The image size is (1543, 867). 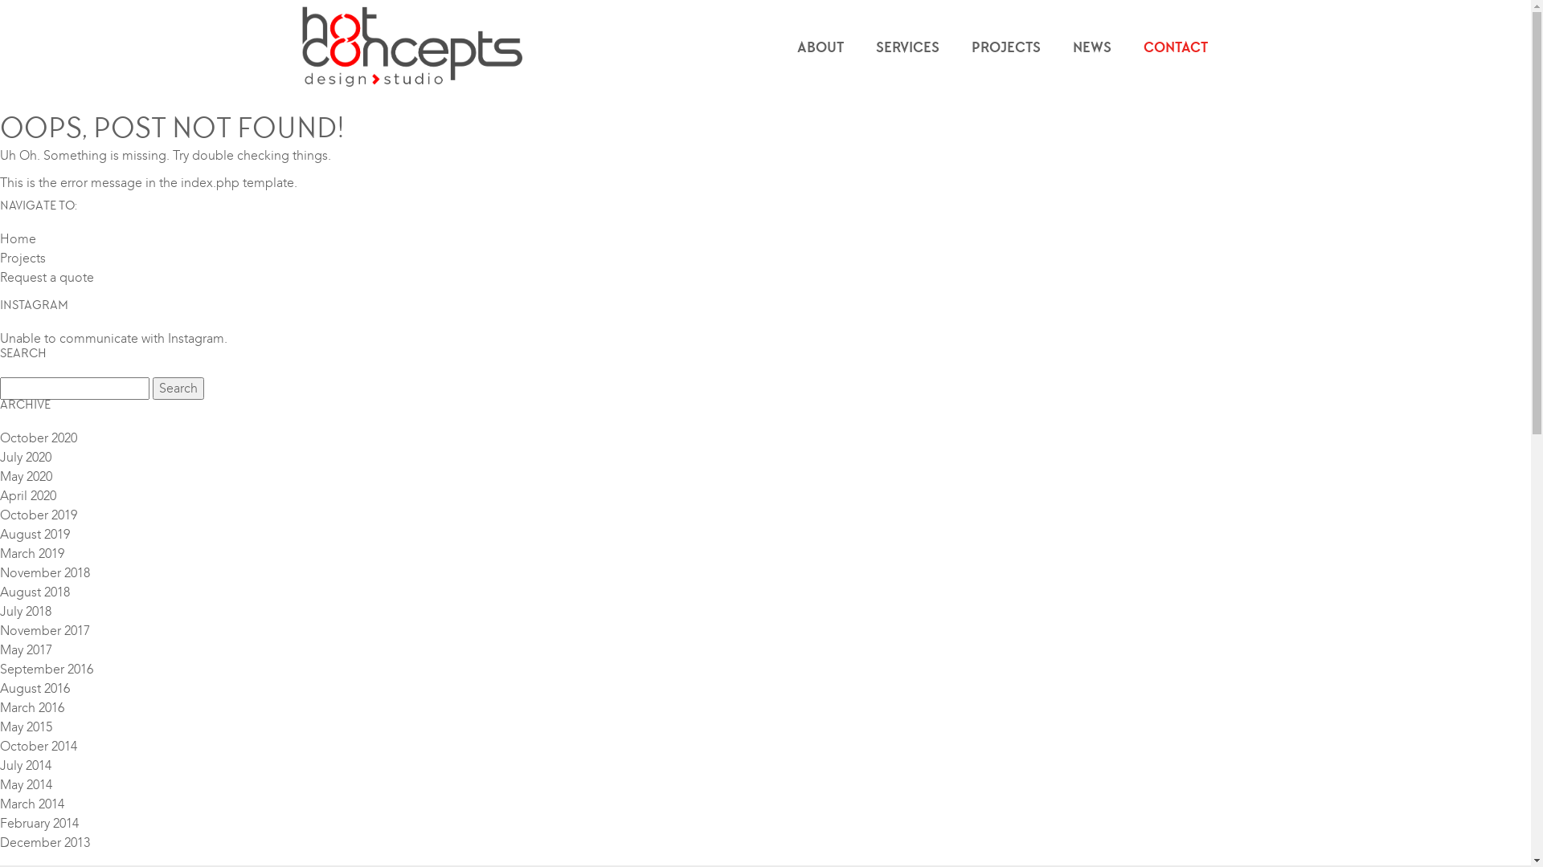 I want to click on 'CONTACT', so click(x=1175, y=47).